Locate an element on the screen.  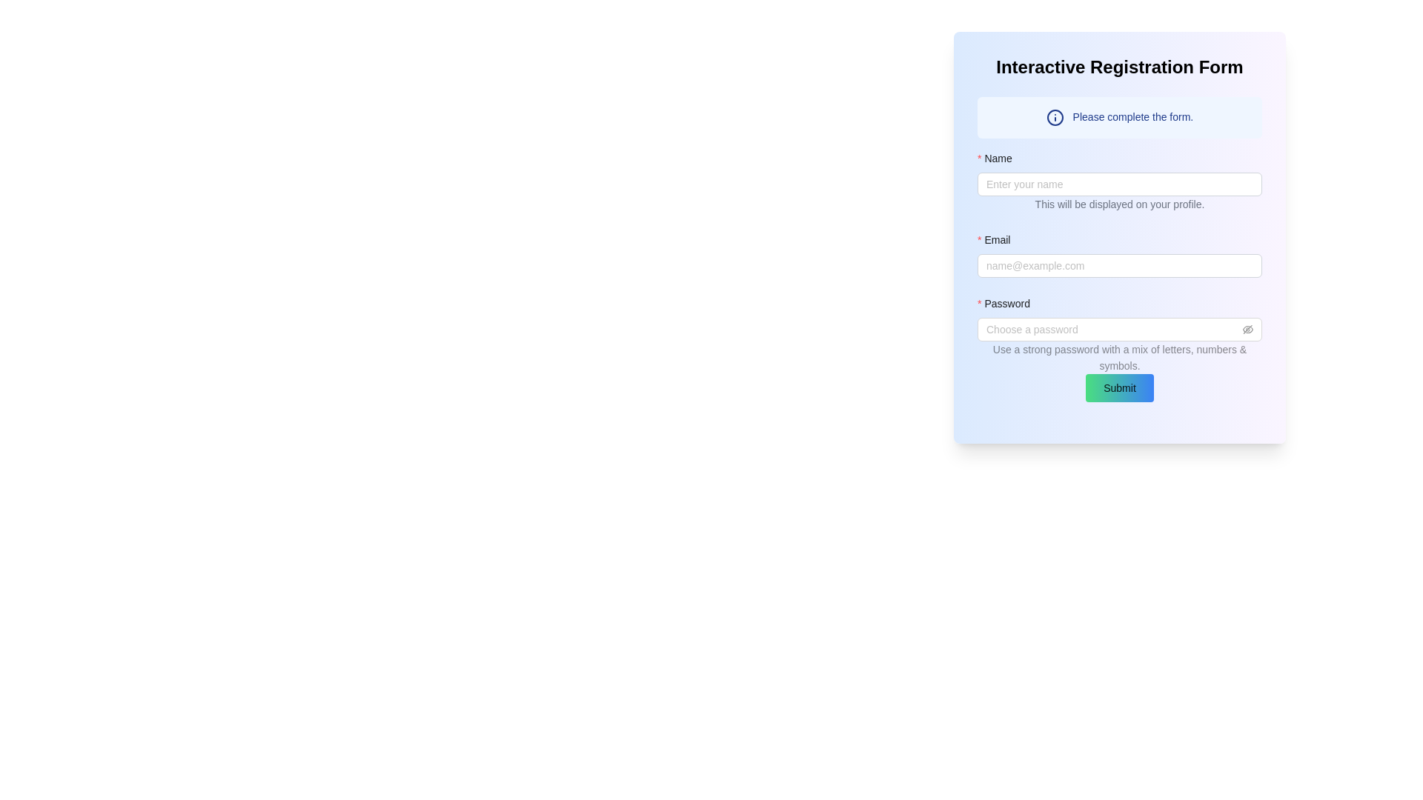
the Text label that provides guidelines for creating a strong password, located below the 'Password' input field in the Interactive Registration Form is located at coordinates (1120, 345).